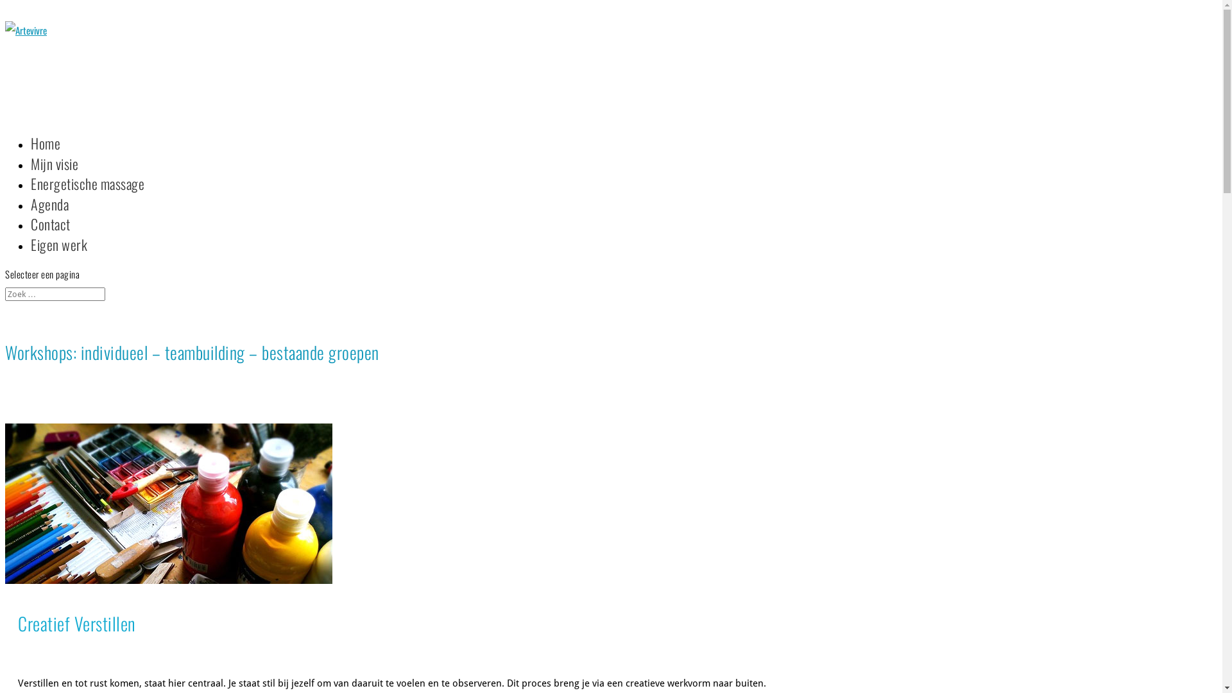 This screenshot has width=1232, height=693. Describe the element at coordinates (54, 178) in the screenshot. I see `'Mijn visie'` at that location.